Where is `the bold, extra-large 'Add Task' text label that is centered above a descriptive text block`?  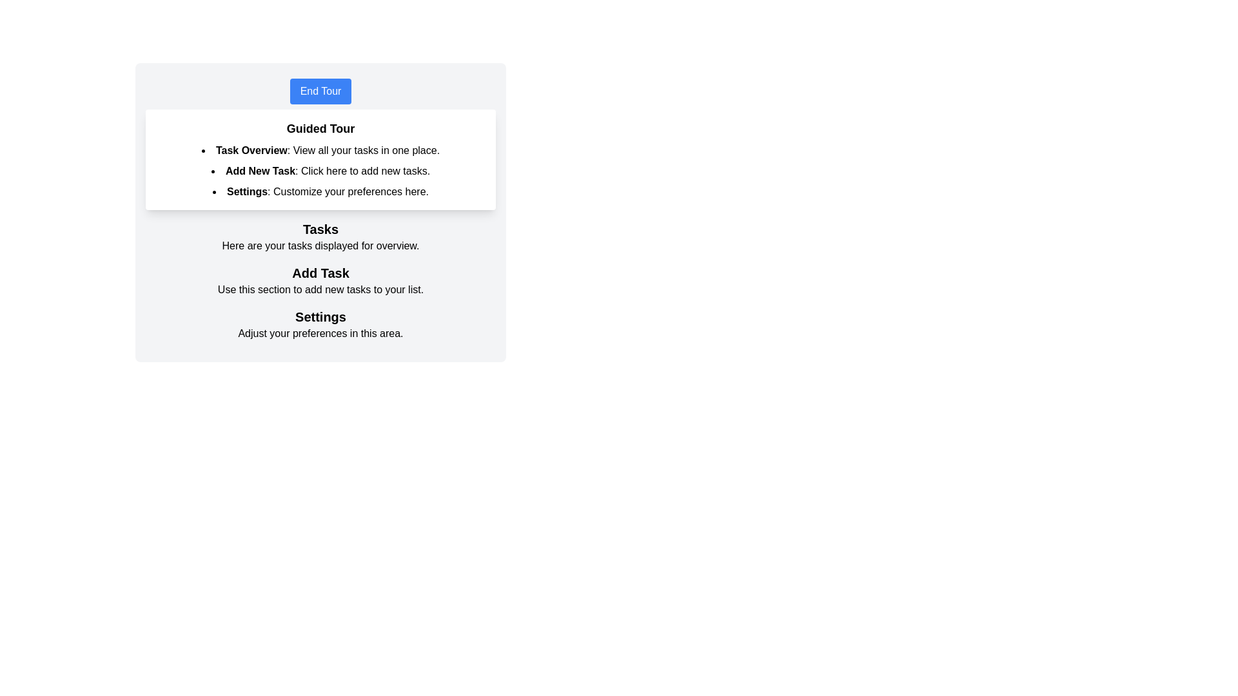 the bold, extra-large 'Add Task' text label that is centered above a descriptive text block is located at coordinates (320, 273).